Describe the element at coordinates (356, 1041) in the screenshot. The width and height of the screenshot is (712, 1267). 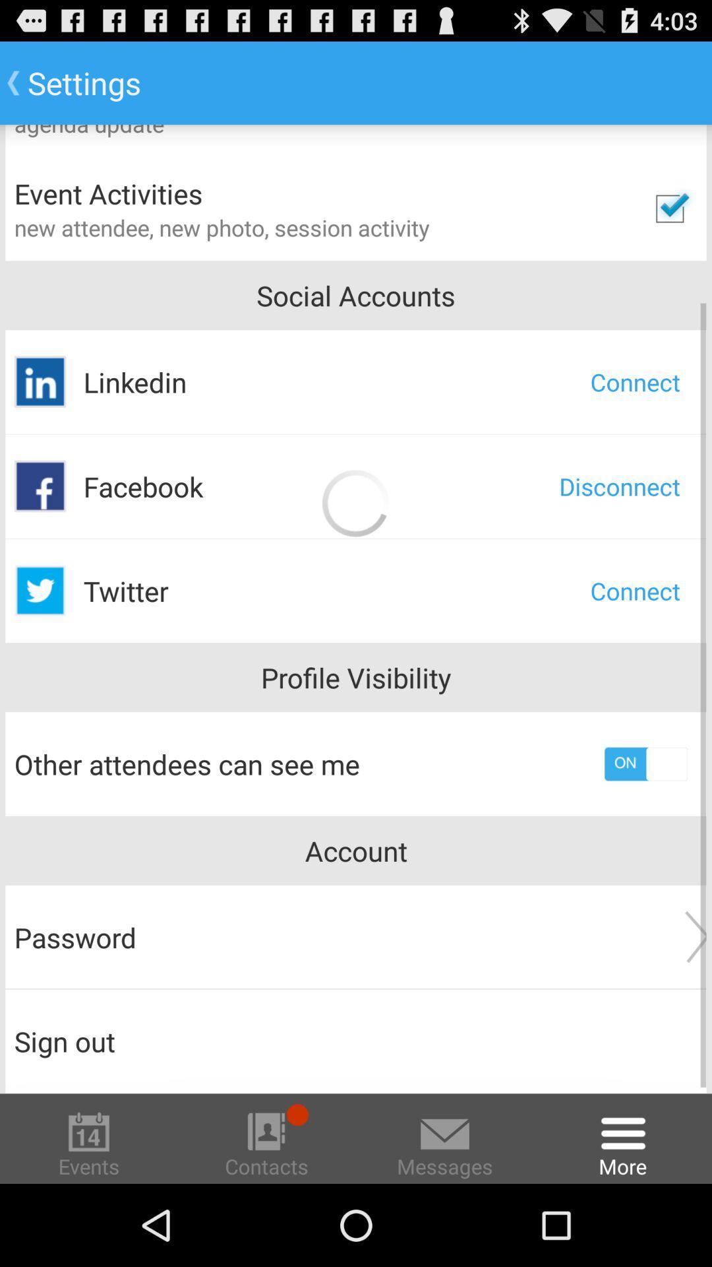
I see `the sign out icon` at that location.